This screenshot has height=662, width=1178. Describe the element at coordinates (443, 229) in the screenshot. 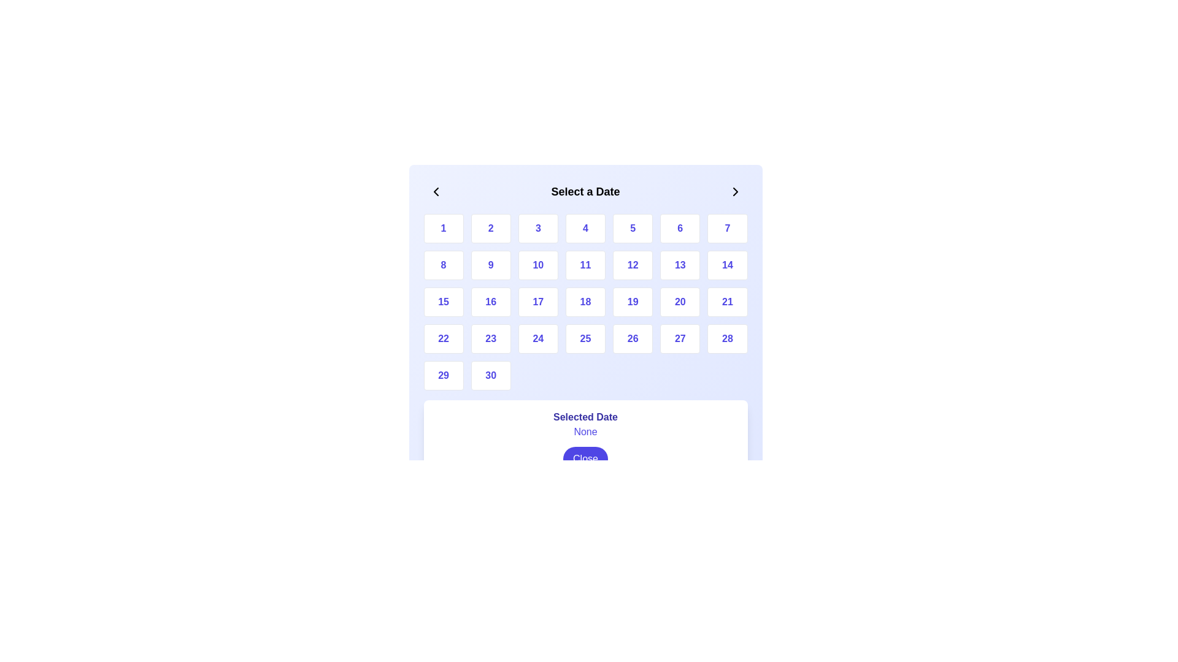

I see `the rectangular button with a blue number '1' that changes to light indigo when hovered, located at the top-left position of a 7-column grid layout` at that location.